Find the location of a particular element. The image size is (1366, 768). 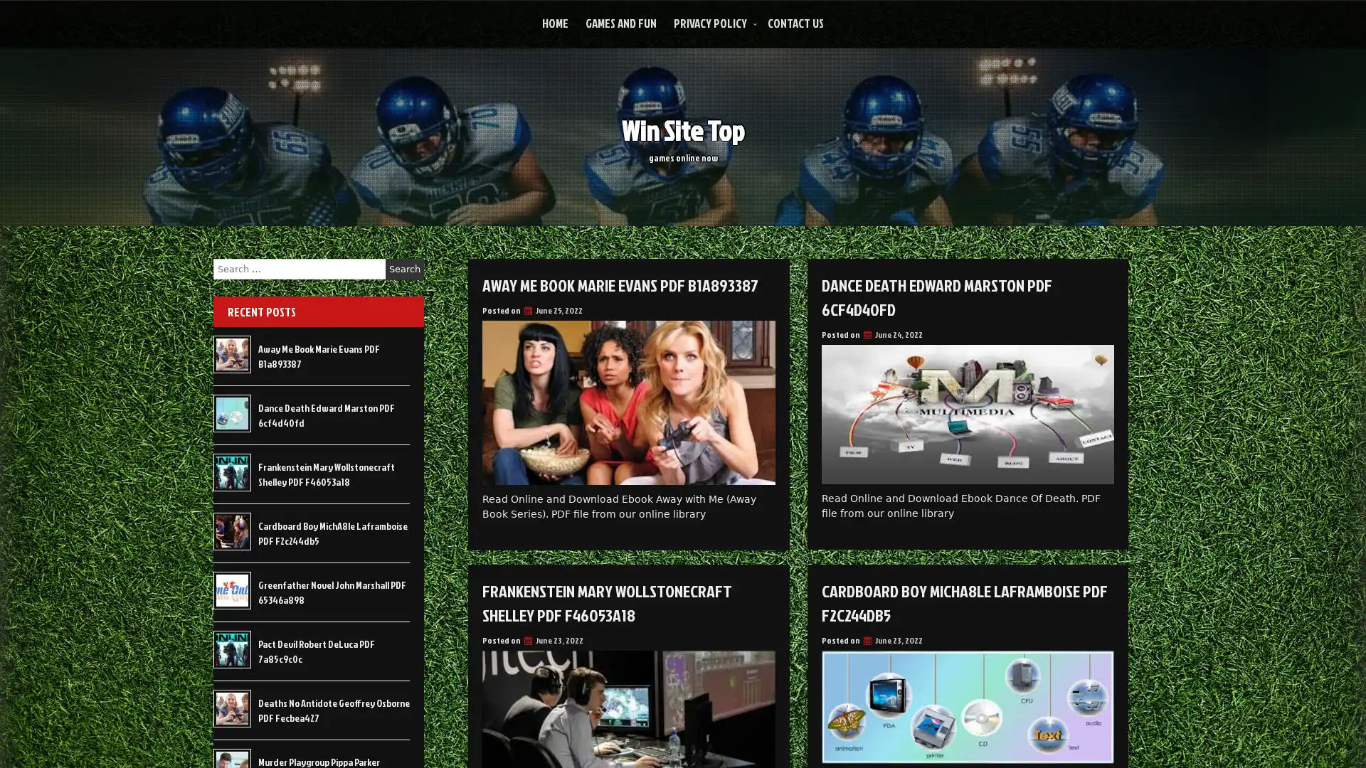

Search is located at coordinates (404, 269).